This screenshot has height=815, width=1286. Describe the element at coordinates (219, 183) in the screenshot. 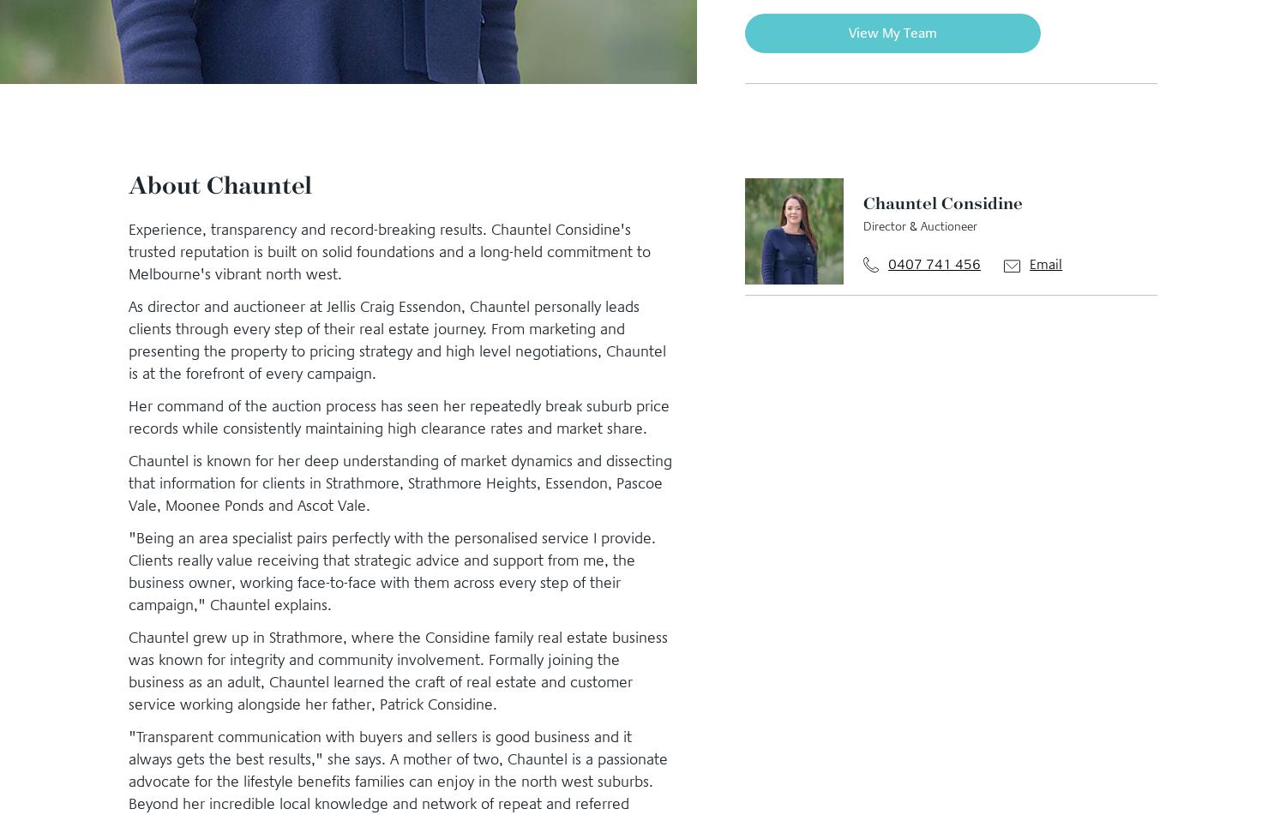

I see `'About Chauntel'` at that location.